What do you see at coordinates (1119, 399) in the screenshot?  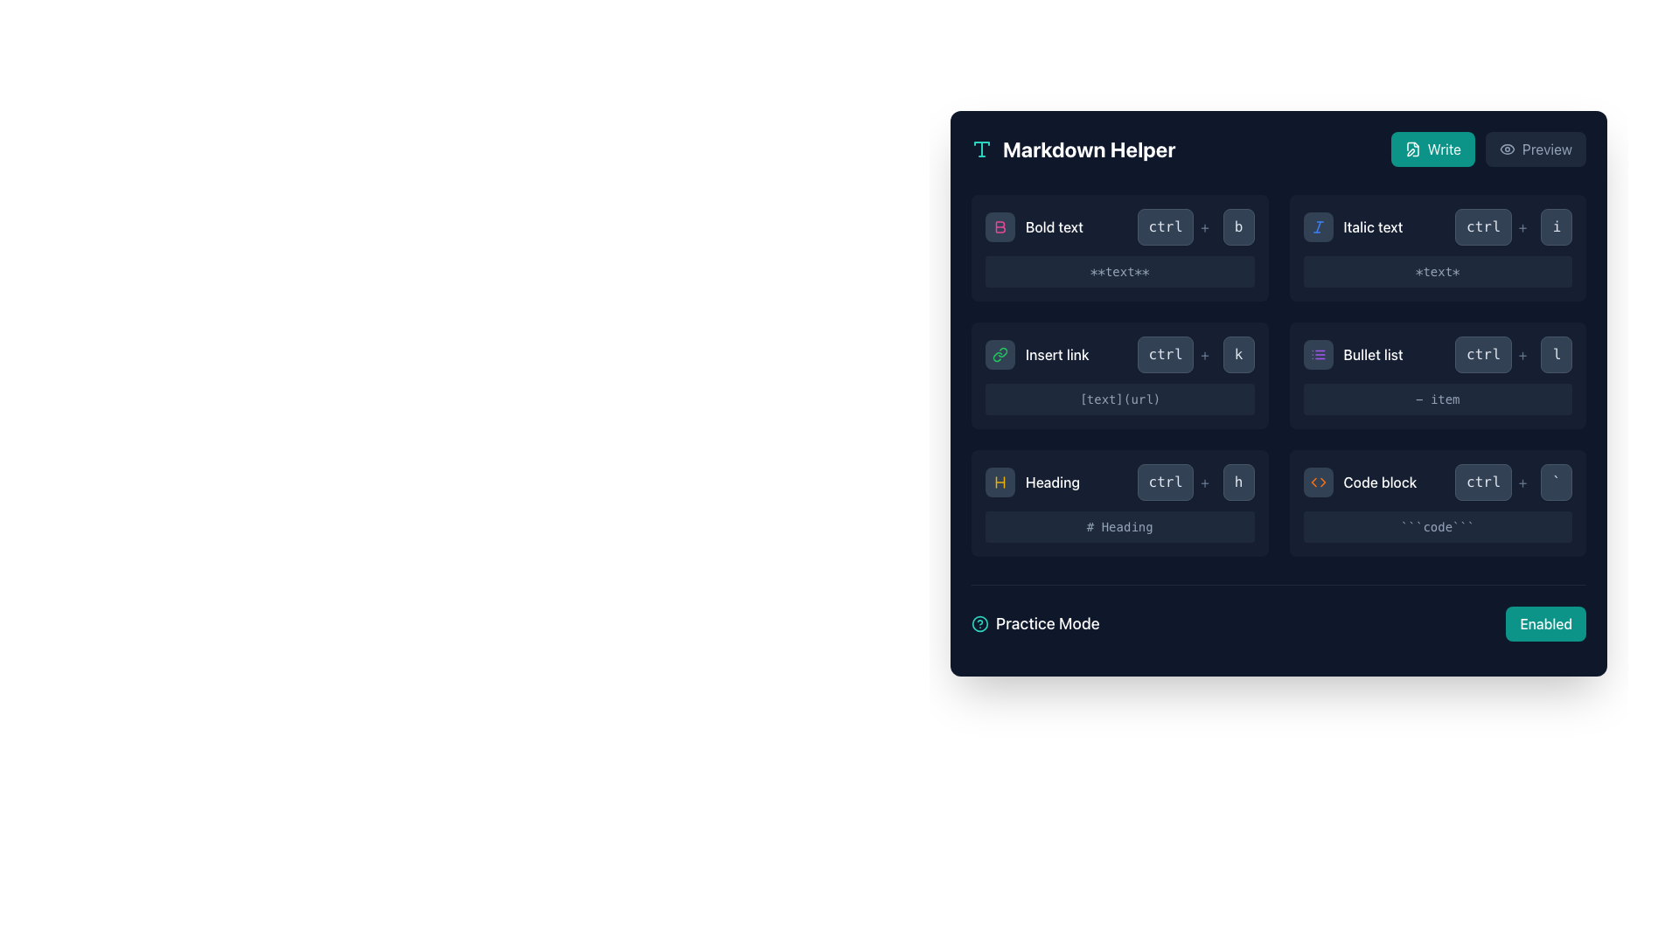 I see `the displayed text in the last element of the 'Insert link' section of the 'Markdown Helper' interface, which is a piece of text styled in a monospaced font with a dark slate background and light slate-colored text` at bounding box center [1119, 399].